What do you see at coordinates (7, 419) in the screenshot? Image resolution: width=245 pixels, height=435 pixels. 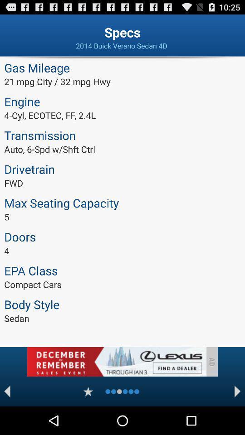 I see `the arrow_backward icon` at bounding box center [7, 419].